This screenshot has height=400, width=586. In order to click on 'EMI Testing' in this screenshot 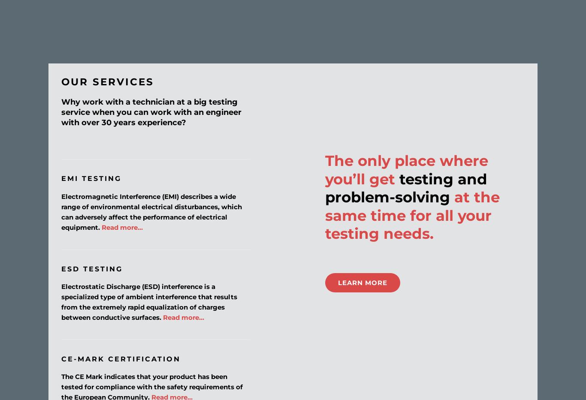, I will do `click(91, 178)`.